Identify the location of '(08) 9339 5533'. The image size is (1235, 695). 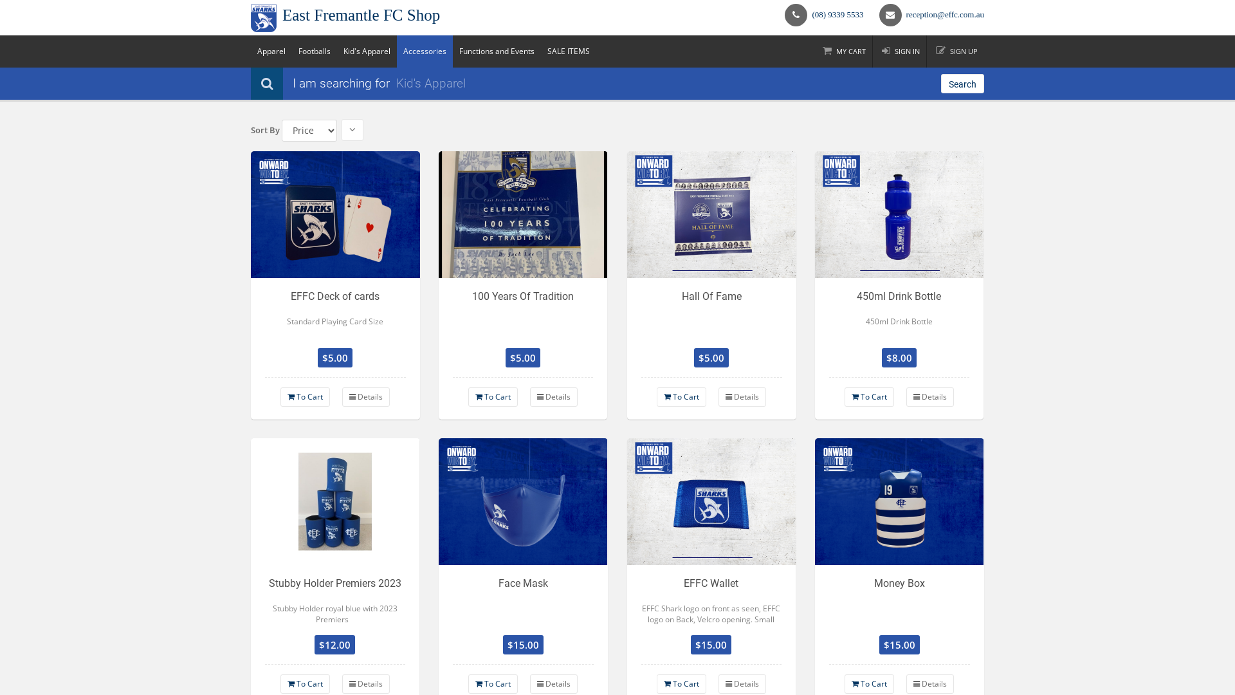
(811, 14).